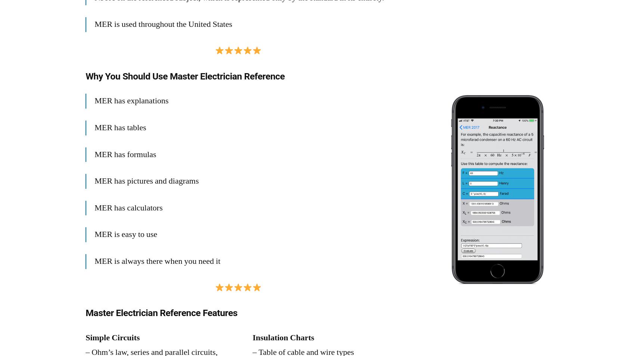 The height and width of the screenshot is (356, 632). Describe the element at coordinates (94, 127) in the screenshot. I see `'MER has tables'` at that location.